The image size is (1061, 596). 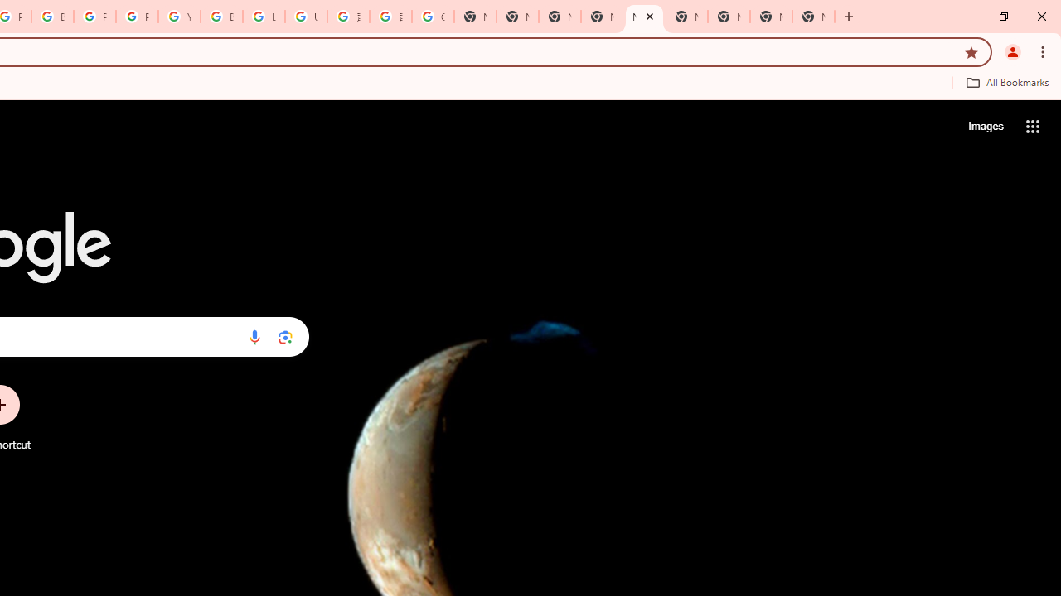 What do you see at coordinates (179, 17) in the screenshot?
I see `'YouTube'` at bounding box center [179, 17].